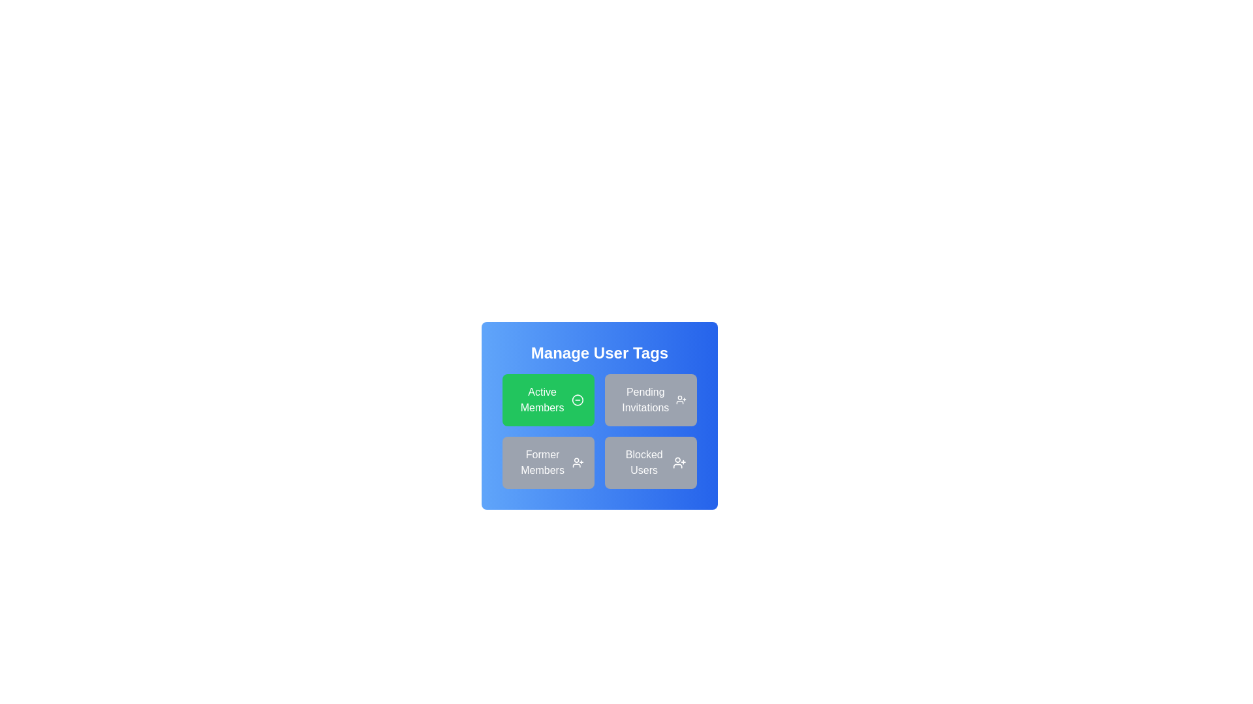  Describe the element at coordinates (679, 462) in the screenshot. I see `the icon located at the top-right corner of the 'Blocked Users' panel, adjacent to the 'Blocked Users' label, which is used for managing or adding blocked users` at that location.